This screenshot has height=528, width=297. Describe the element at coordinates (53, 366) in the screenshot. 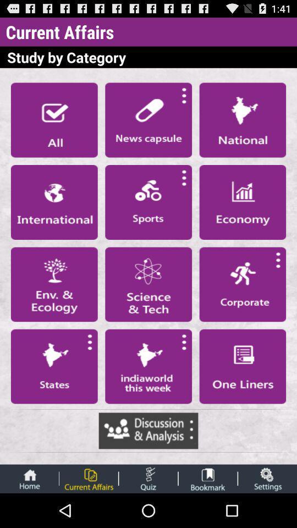

I see `the states category` at that location.